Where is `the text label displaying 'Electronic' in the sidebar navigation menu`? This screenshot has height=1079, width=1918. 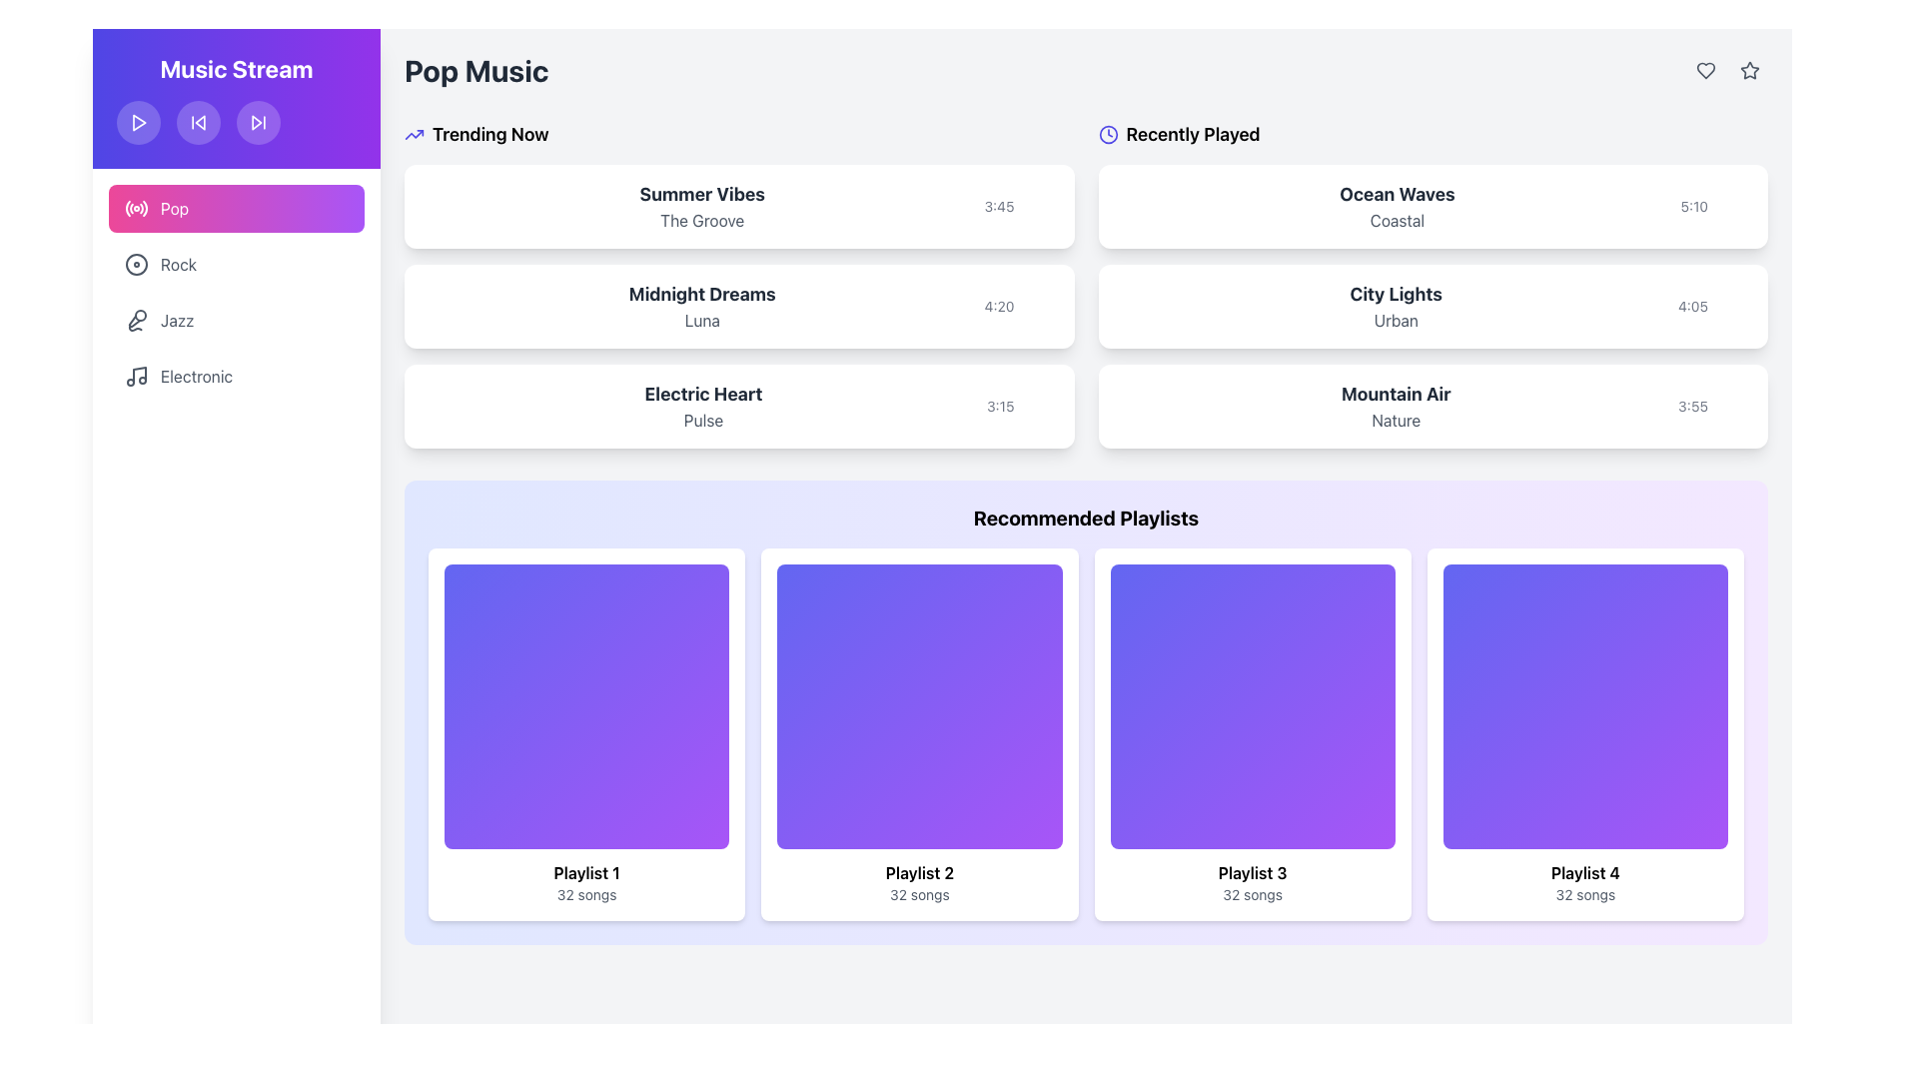
the text label displaying 'Electronic' in the sidebar navigation menu is located at coordinates (196, 377).